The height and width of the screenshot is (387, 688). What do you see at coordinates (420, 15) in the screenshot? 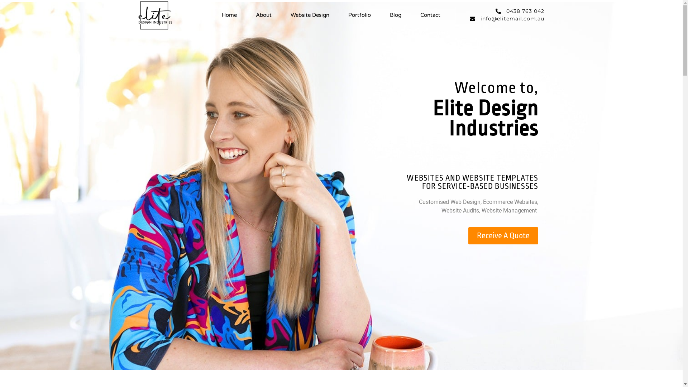
I see `'Contact'` at bounding box center [420, 15].